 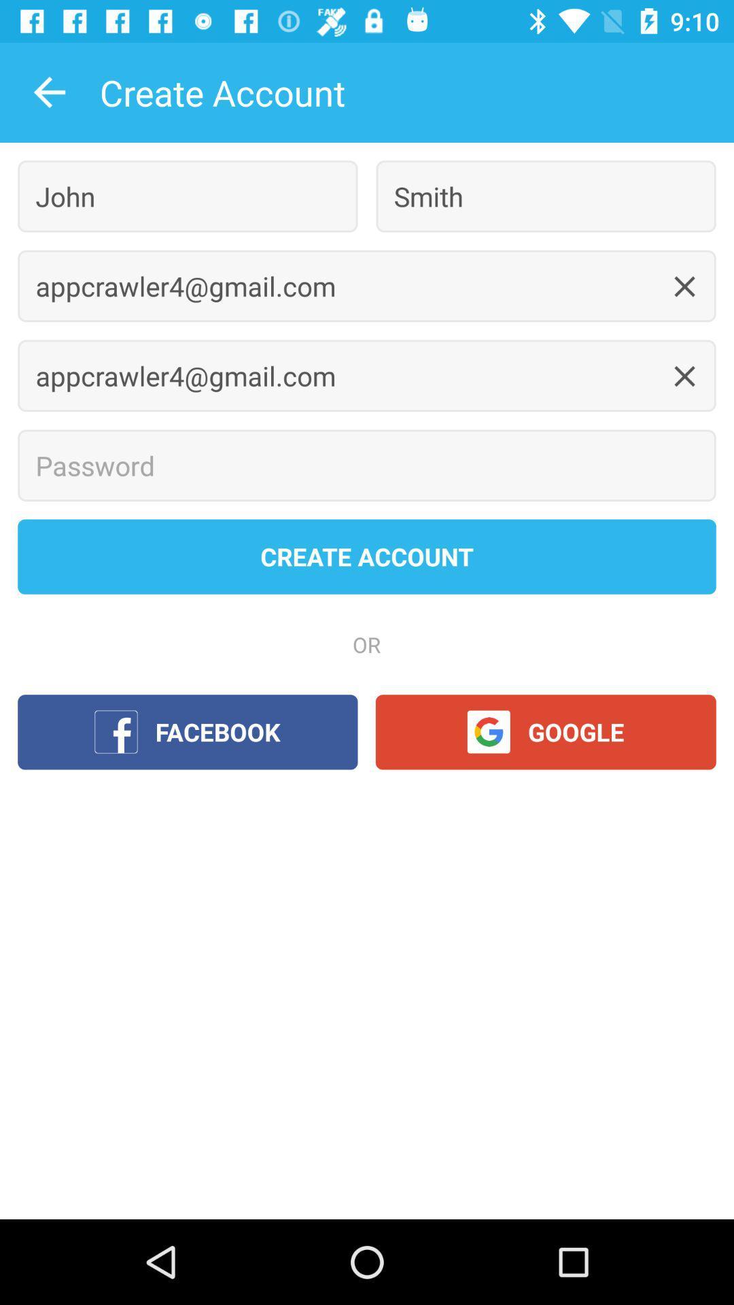 What do you see at coordinates (545, 196) in the screenshot?
I see `the icon next to the john icon` at bounding box center [545, 196].